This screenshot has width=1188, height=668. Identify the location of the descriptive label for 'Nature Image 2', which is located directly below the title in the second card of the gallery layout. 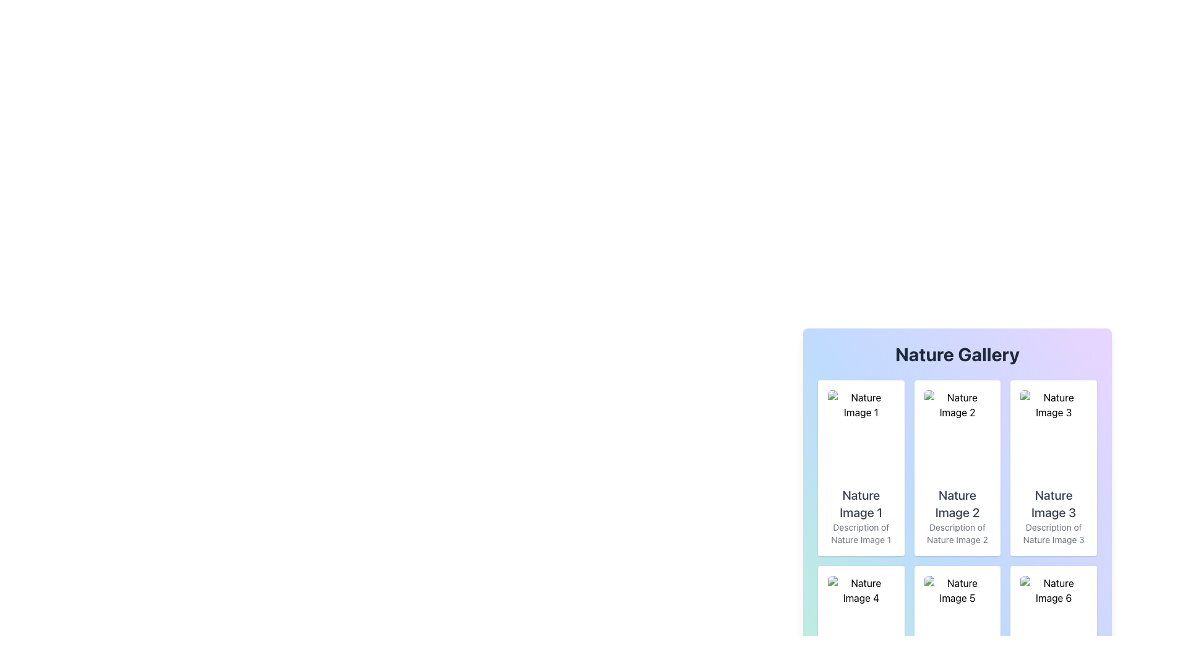
(957, 533).